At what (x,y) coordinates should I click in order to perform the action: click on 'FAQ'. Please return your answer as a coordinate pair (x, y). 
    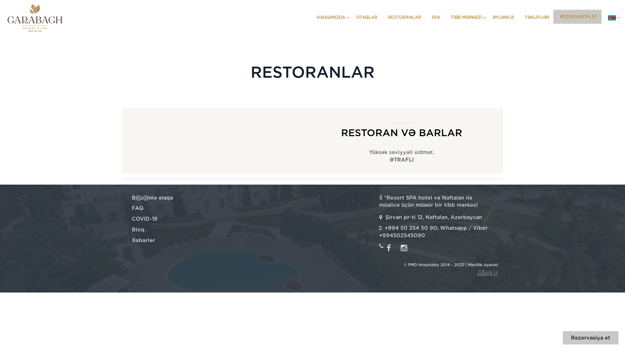
    Looking at the image, I should click on (131, 208).